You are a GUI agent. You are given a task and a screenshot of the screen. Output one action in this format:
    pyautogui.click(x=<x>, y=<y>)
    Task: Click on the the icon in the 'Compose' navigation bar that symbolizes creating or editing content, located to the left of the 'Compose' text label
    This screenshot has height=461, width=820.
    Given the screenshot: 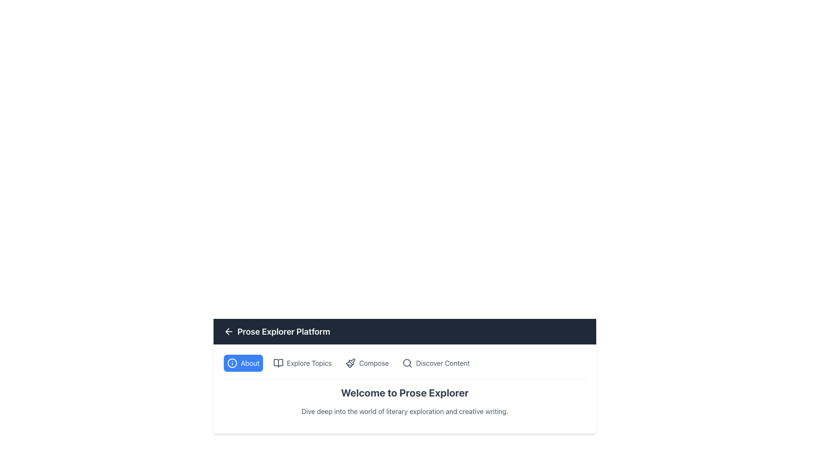 What is the action you would take?
    pyautogui.click(x=350, y=363)
    